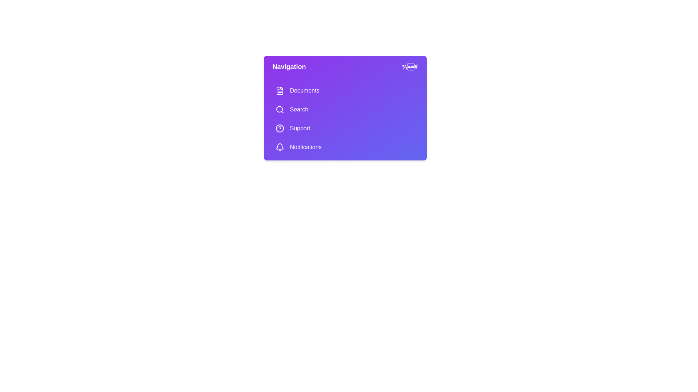 This screenshot has width=698, height=392. Describe the element at coordinates (345, 67) in the screenshot. I see `the 'Navigation' button at the top of the menu to toggle it open or closed` at that location.